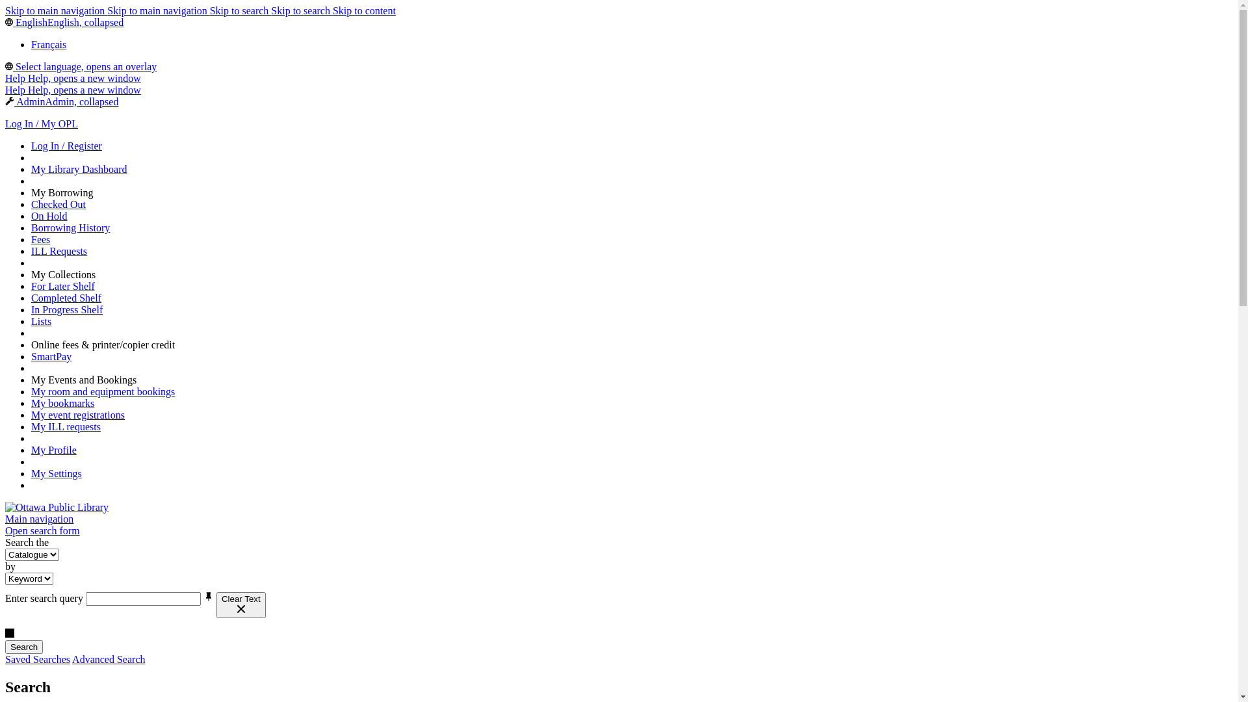 The height and width of the screenshot is (702, 1248). I want to click on 'Search', so click(24, 647).